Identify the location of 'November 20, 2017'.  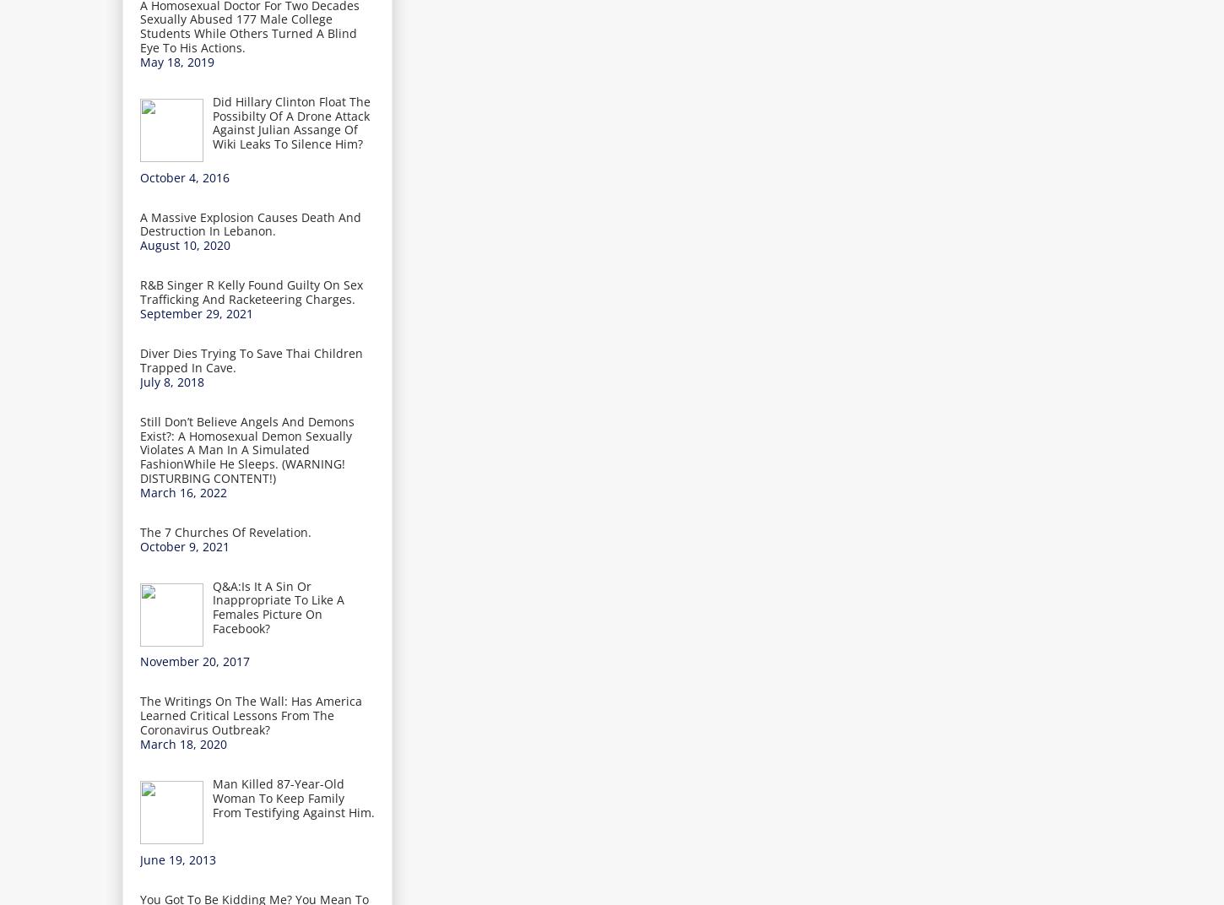
(193, 661).